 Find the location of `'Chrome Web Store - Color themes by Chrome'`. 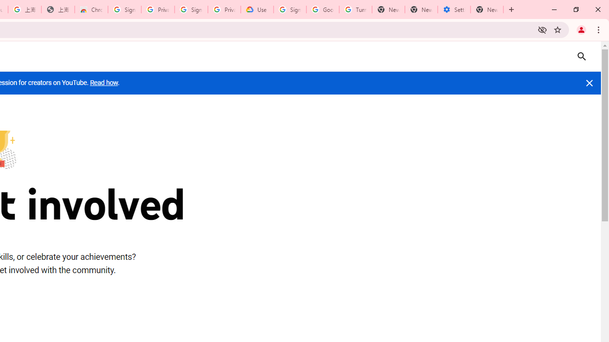

'Chrome Web Store - Color themes by Chrome' is located at coordinates (91, 9).